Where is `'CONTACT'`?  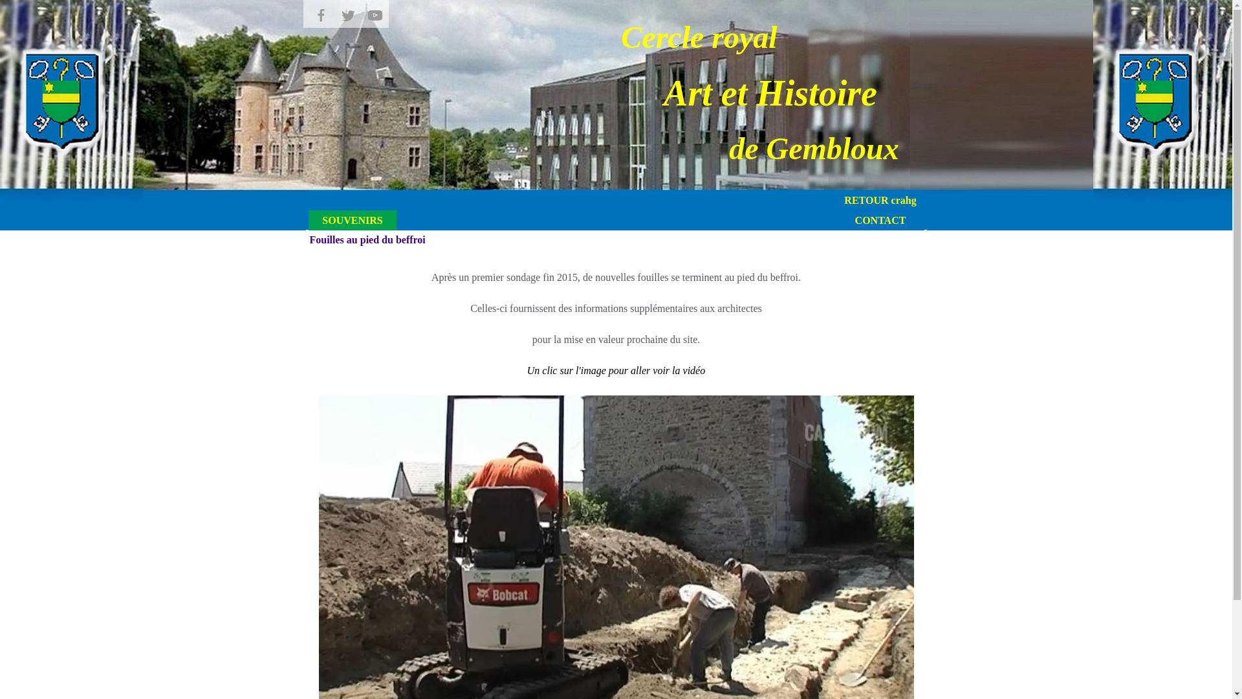
'CONTACT' is located at coordinates (880, 219).